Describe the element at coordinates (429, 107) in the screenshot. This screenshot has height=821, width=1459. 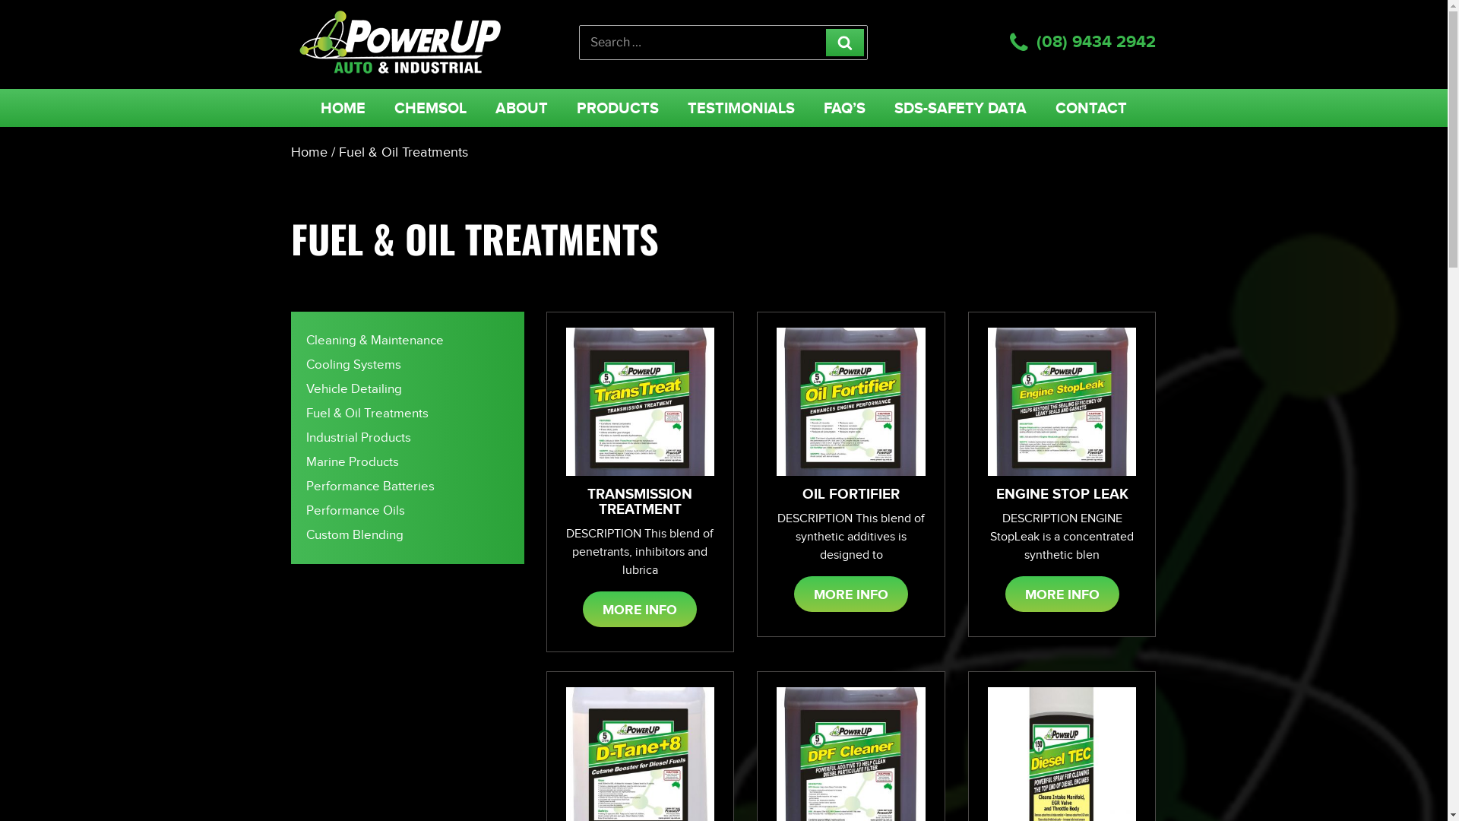
I see `'CHEMSOL'` at that location.